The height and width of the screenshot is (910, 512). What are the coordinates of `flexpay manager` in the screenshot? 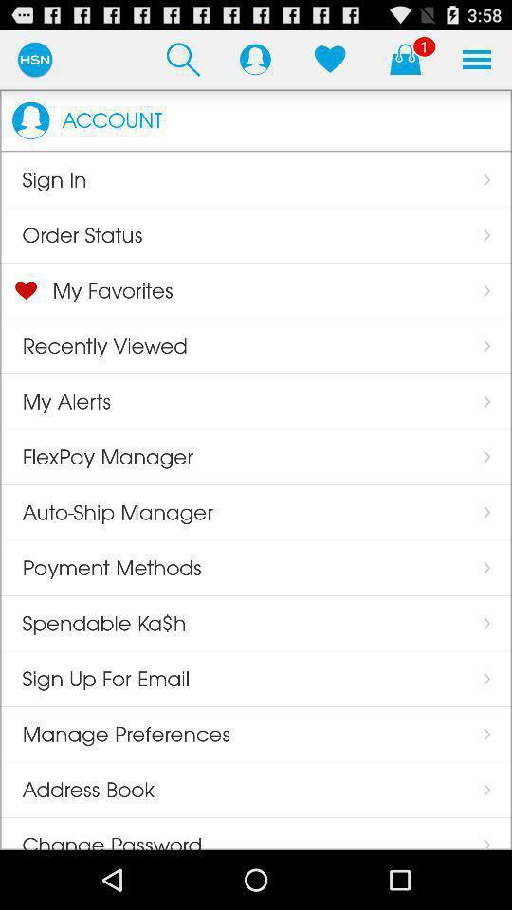 It's located at (97, 456).